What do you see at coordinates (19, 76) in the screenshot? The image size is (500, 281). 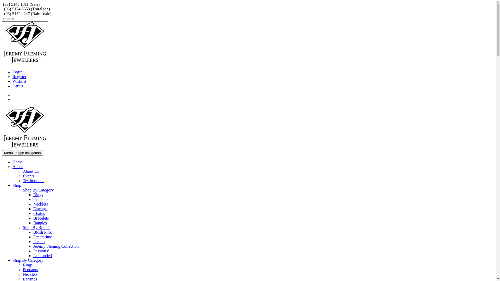 I see `'Register'` at bounding box center [19, 76].